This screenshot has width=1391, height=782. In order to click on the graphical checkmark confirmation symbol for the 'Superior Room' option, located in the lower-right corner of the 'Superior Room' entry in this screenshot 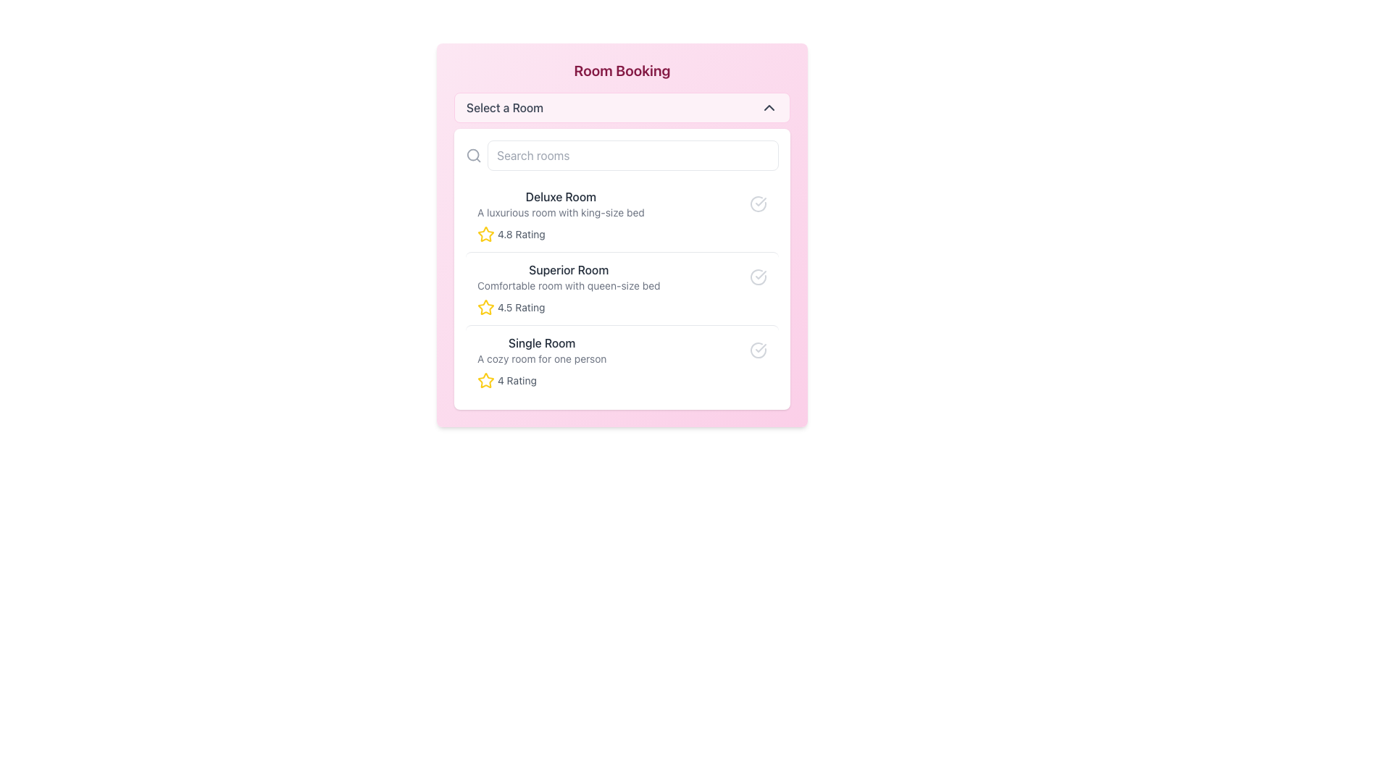, I will do `click(757, 277)`.